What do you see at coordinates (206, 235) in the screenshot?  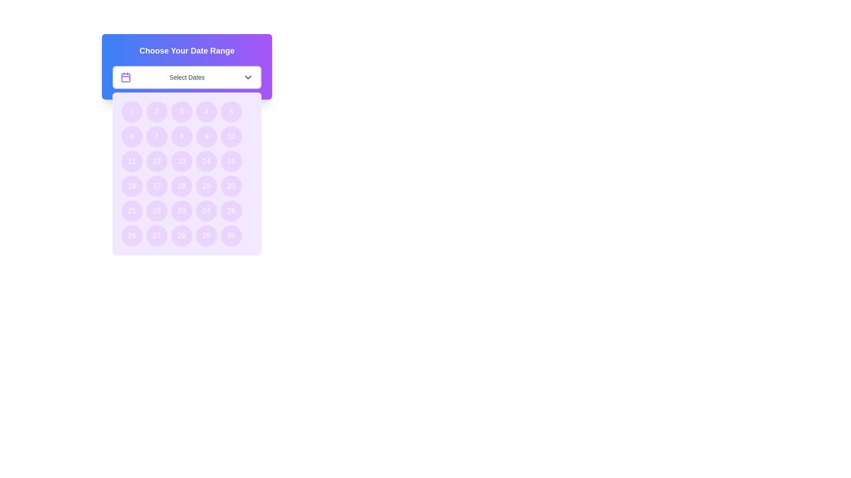 I see `the circular button with a light purple background and the number '29' centered in white text, located in the bottom row of date selection buttons` at bounding box center [206, 235].